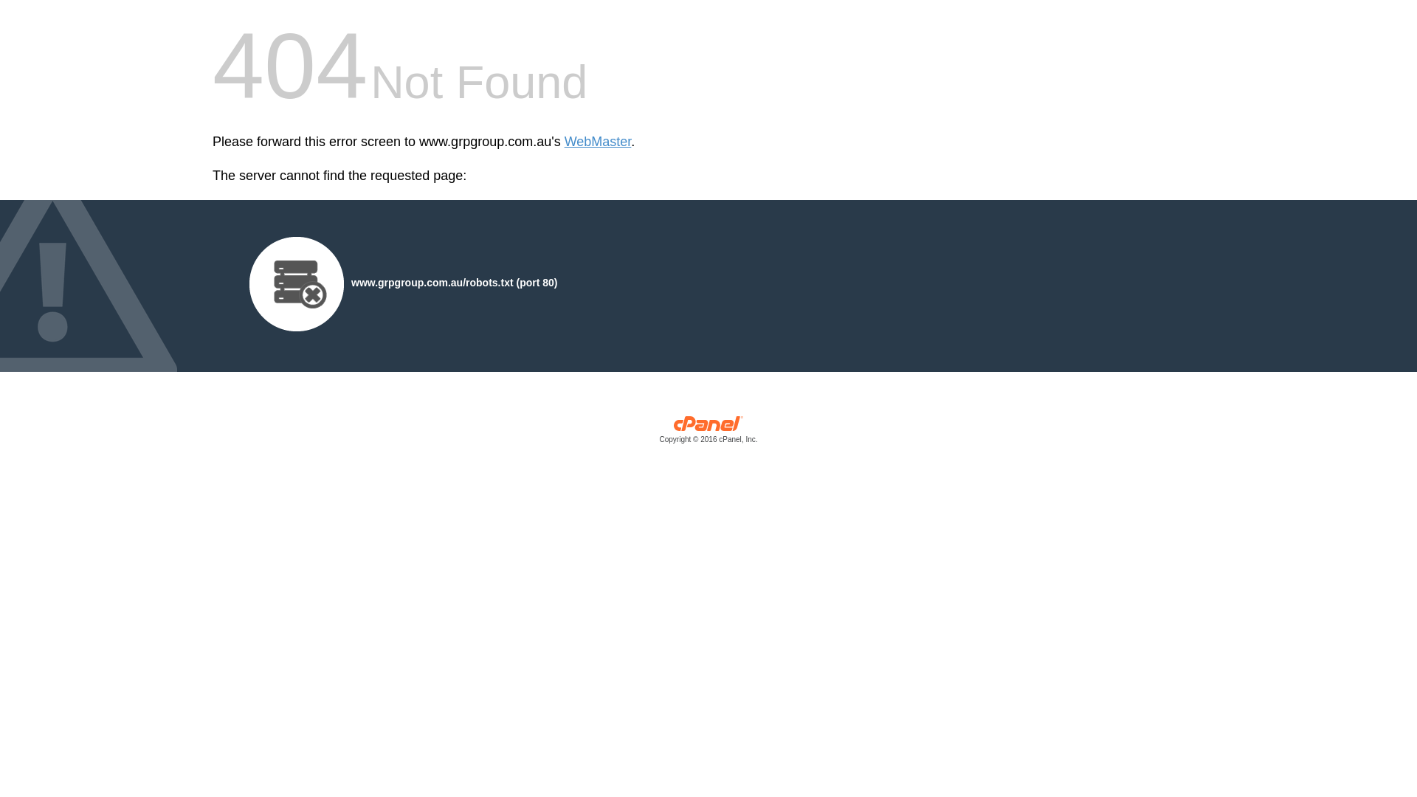 The width and height of the screenshot is (1417, 797). Describe the element at coordinates (563, 142) in the screenshot. I see `'WebMaster'` at that location.